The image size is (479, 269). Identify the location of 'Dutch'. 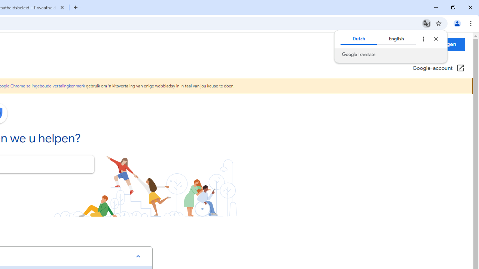
(358, 39).